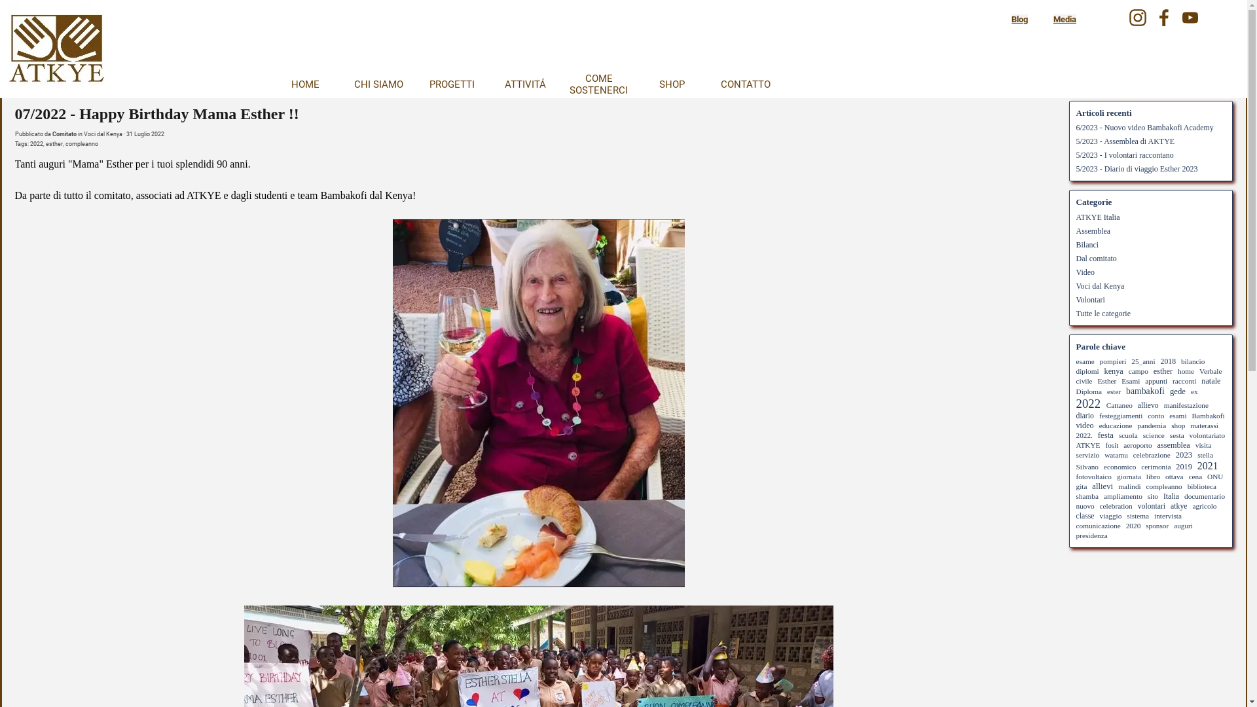  What do you see at coordinates (1124, 154) in the screenshot?
I see `'5/2023 - I volontari raccontano'` at bounding box center [1124, 154].